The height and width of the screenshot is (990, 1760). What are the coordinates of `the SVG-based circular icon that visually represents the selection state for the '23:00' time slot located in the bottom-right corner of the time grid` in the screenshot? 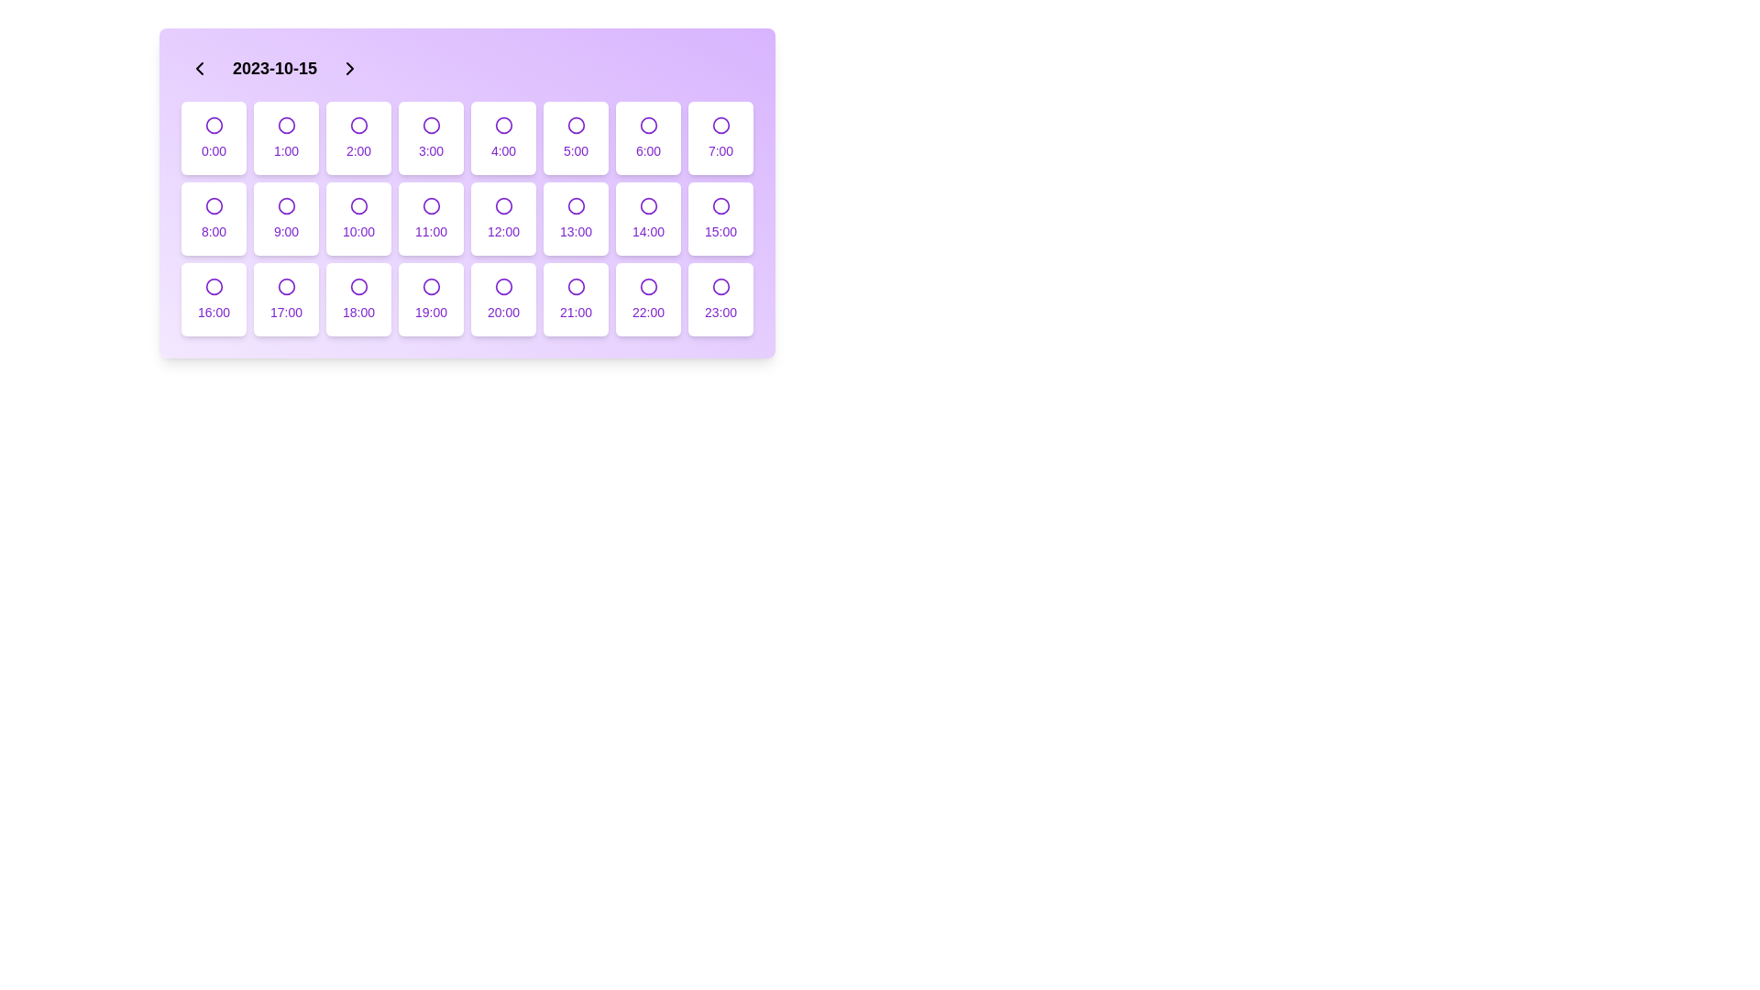 It's located at (720, 286).